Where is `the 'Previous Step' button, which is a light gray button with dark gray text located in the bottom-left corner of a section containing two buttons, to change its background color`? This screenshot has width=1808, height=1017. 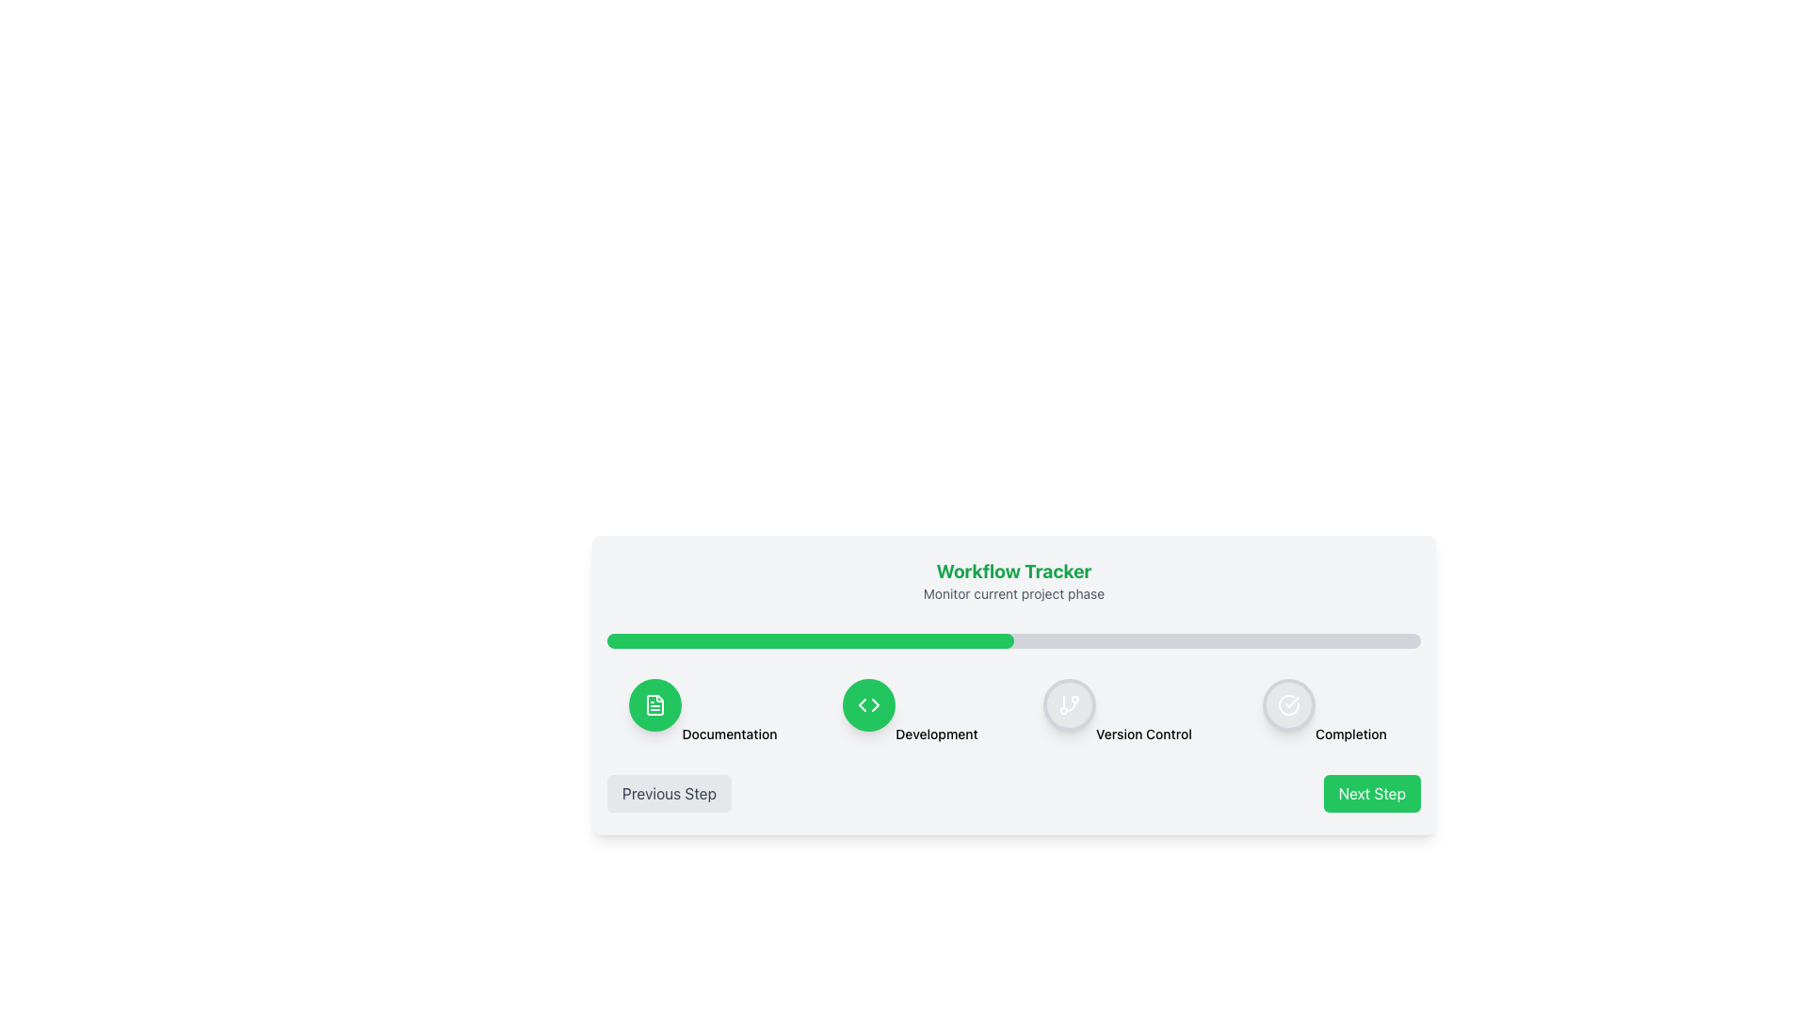 the 'Previous Step' button, which is a light gray button with dark gray text located in the bottom-left corner of a section containing two buttons, to change its background color is located at coordinates (669, 794).